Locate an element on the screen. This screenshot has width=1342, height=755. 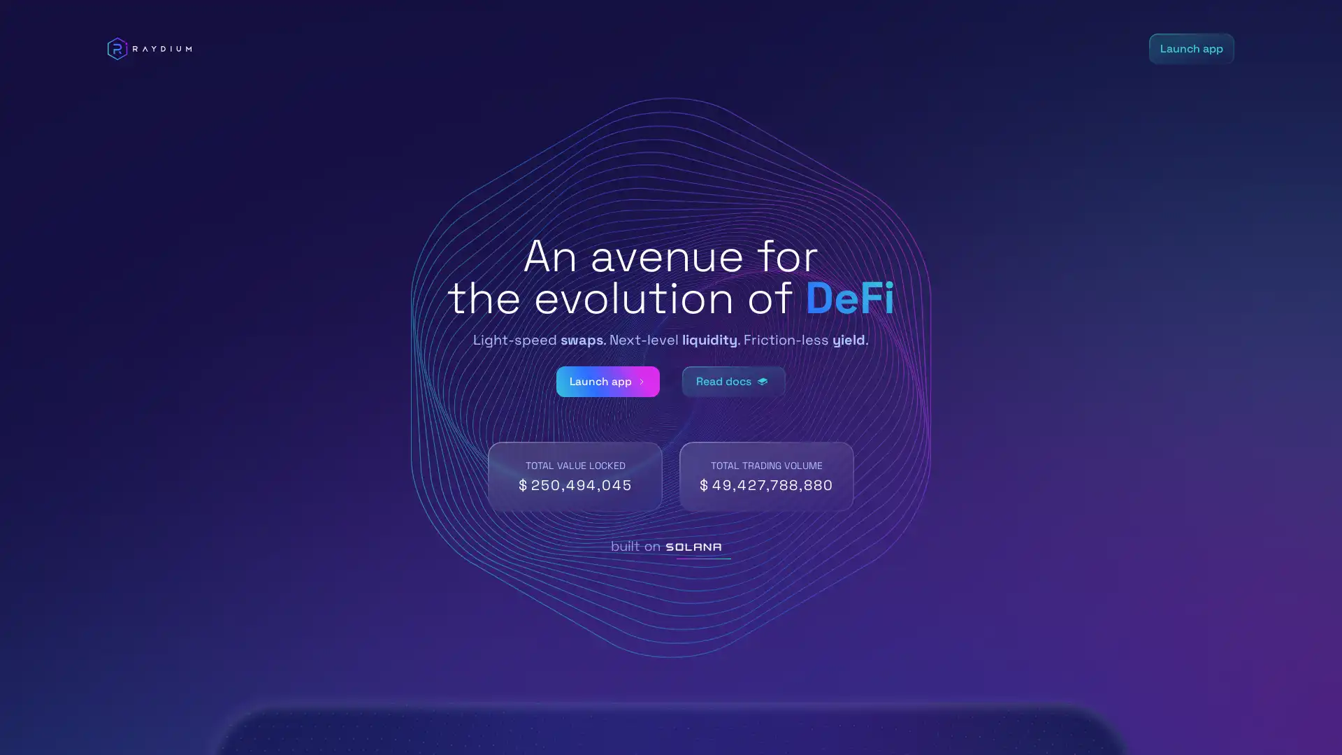
Launch app is located at coordinates (607, 382).